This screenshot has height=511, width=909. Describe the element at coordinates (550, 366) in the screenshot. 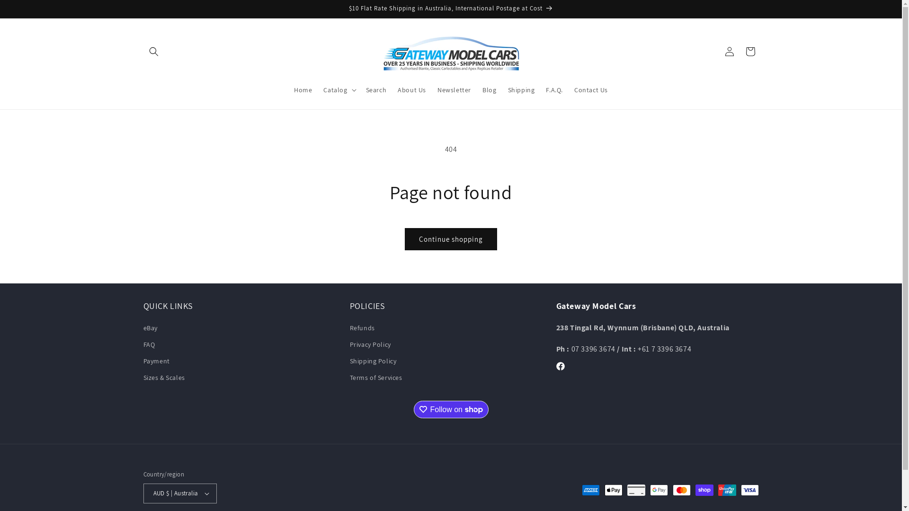

I see `'Facebook'` at that location.